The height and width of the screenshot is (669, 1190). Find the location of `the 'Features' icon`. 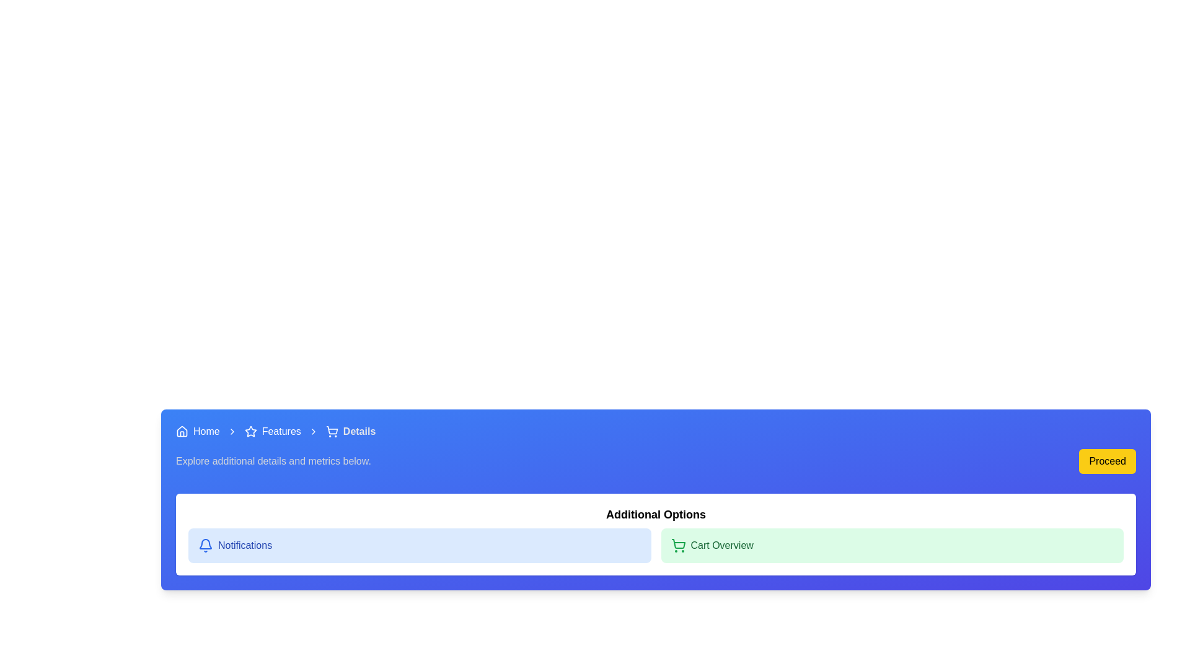

the 'Features' icon is located at coordinates (249, 430).